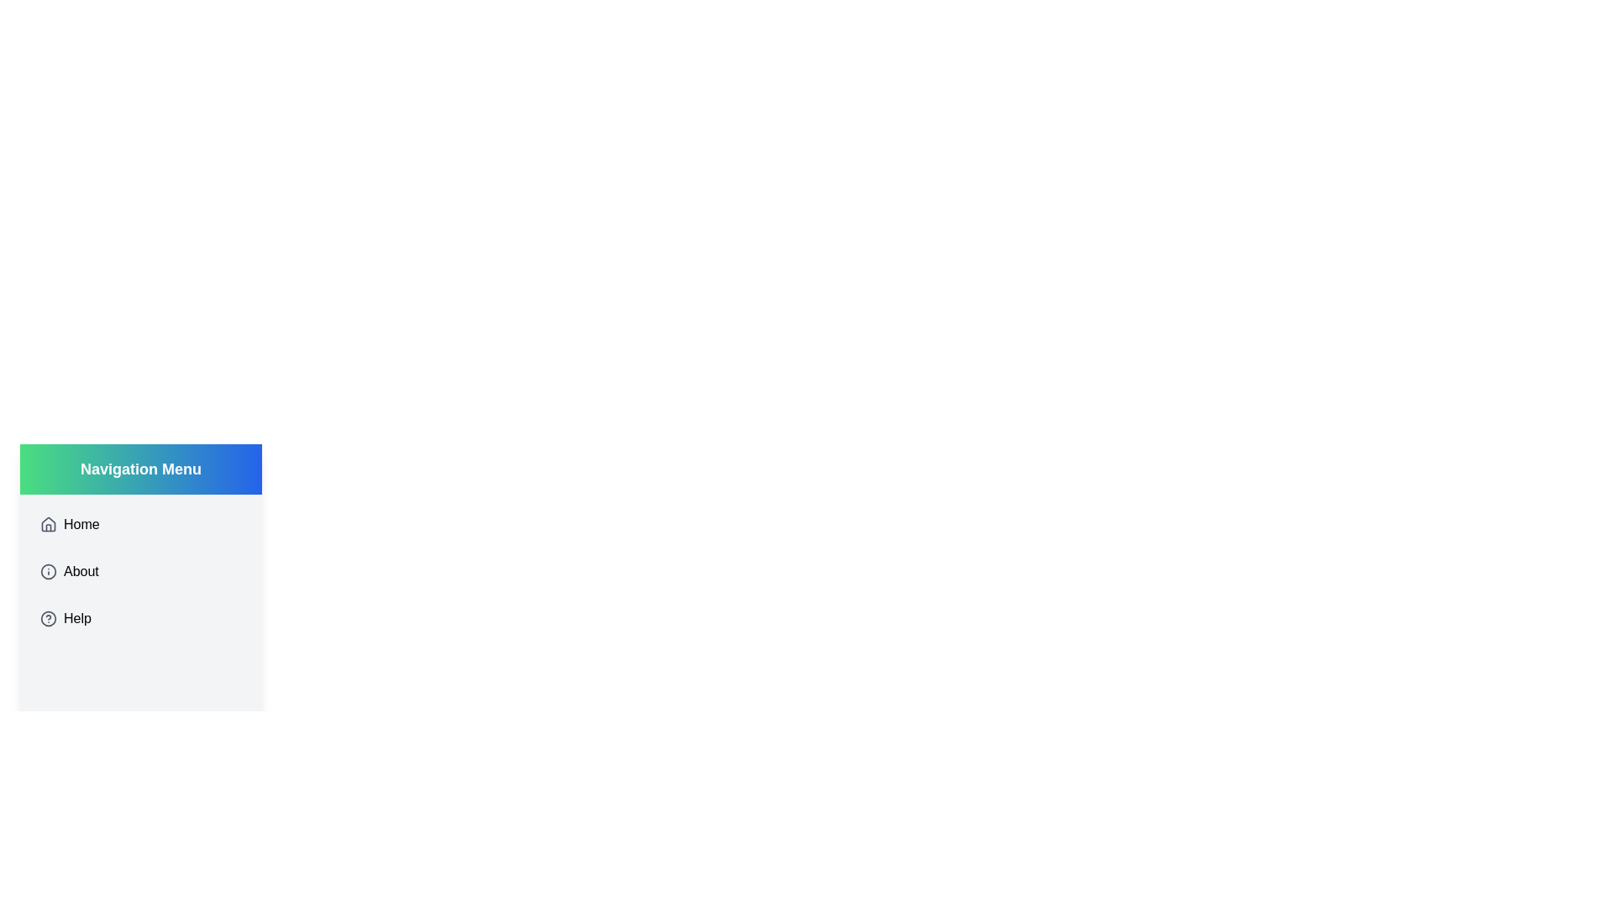 The height and width of the screenshot is (907, 1613). What do you see at coordinates (81, 523) in the screenshot?
I see `the 'Home' text element in the navigation menu` at bounding box center [81, 523].